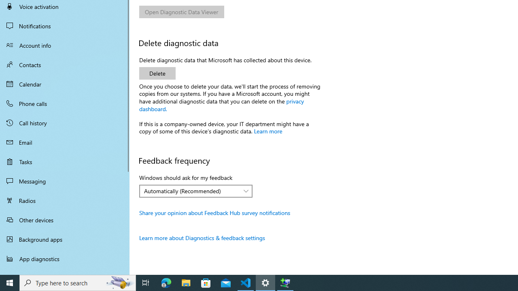  I want to click on 'Radios', so click(65, 200).